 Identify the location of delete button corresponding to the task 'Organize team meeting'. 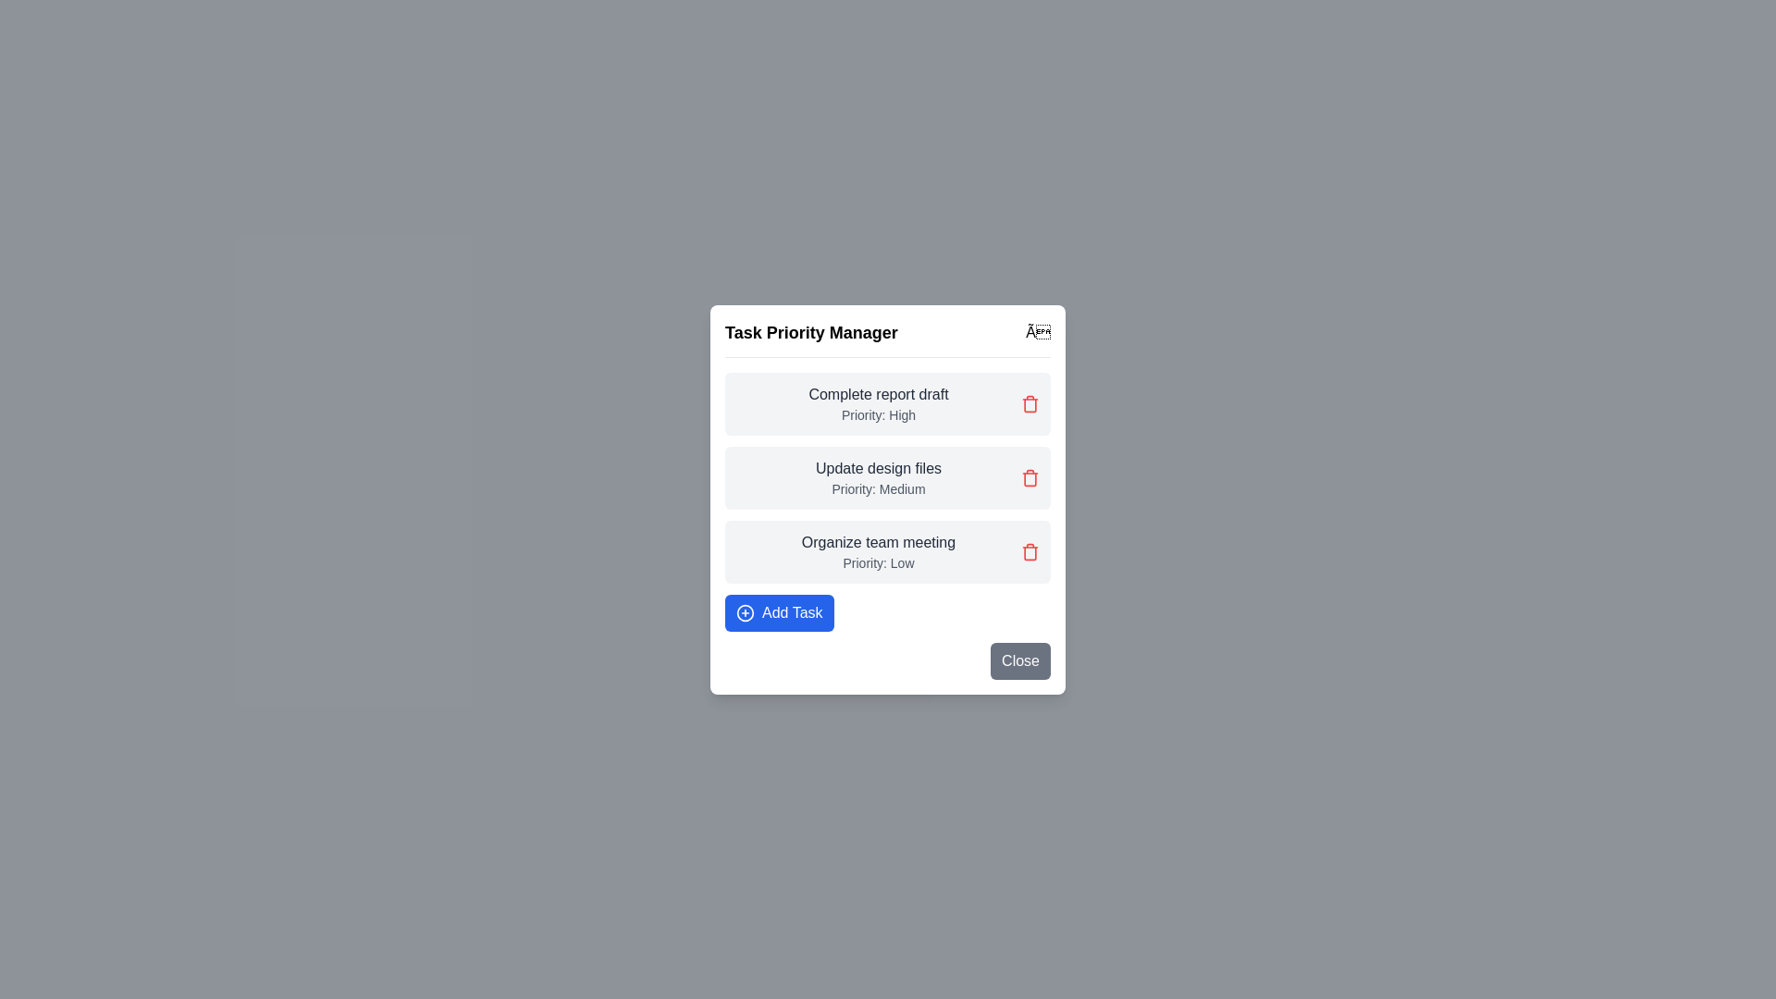
(1029, 550).